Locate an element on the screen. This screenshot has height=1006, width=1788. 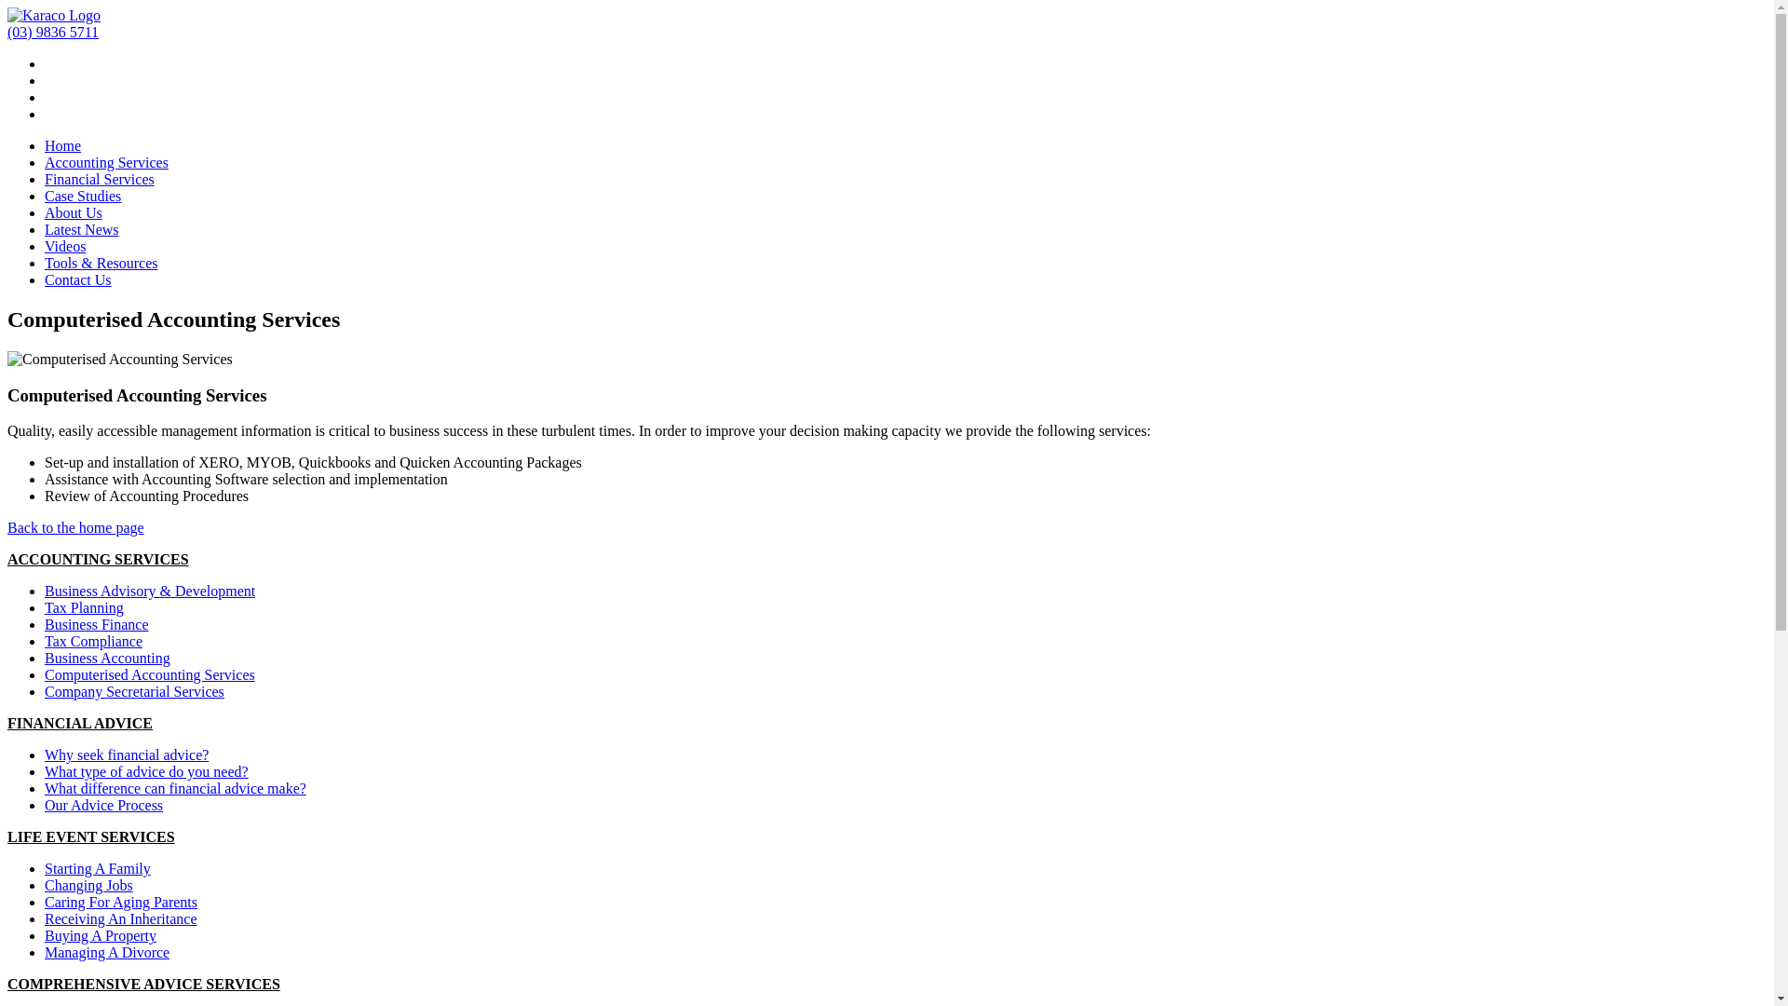
'Business Accounting' is located at coordinates (106, 657).